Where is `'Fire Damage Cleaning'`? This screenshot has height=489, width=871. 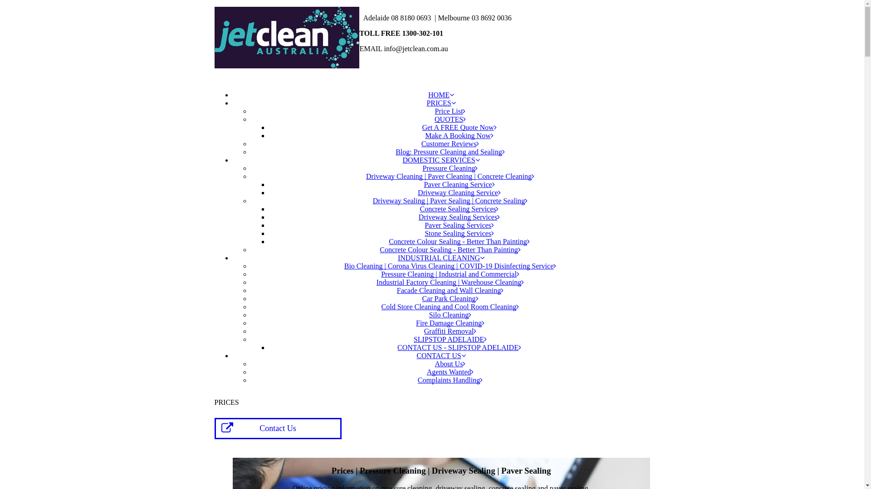 'Fire Damage Cleaning' is located at coordinates (415, 322).